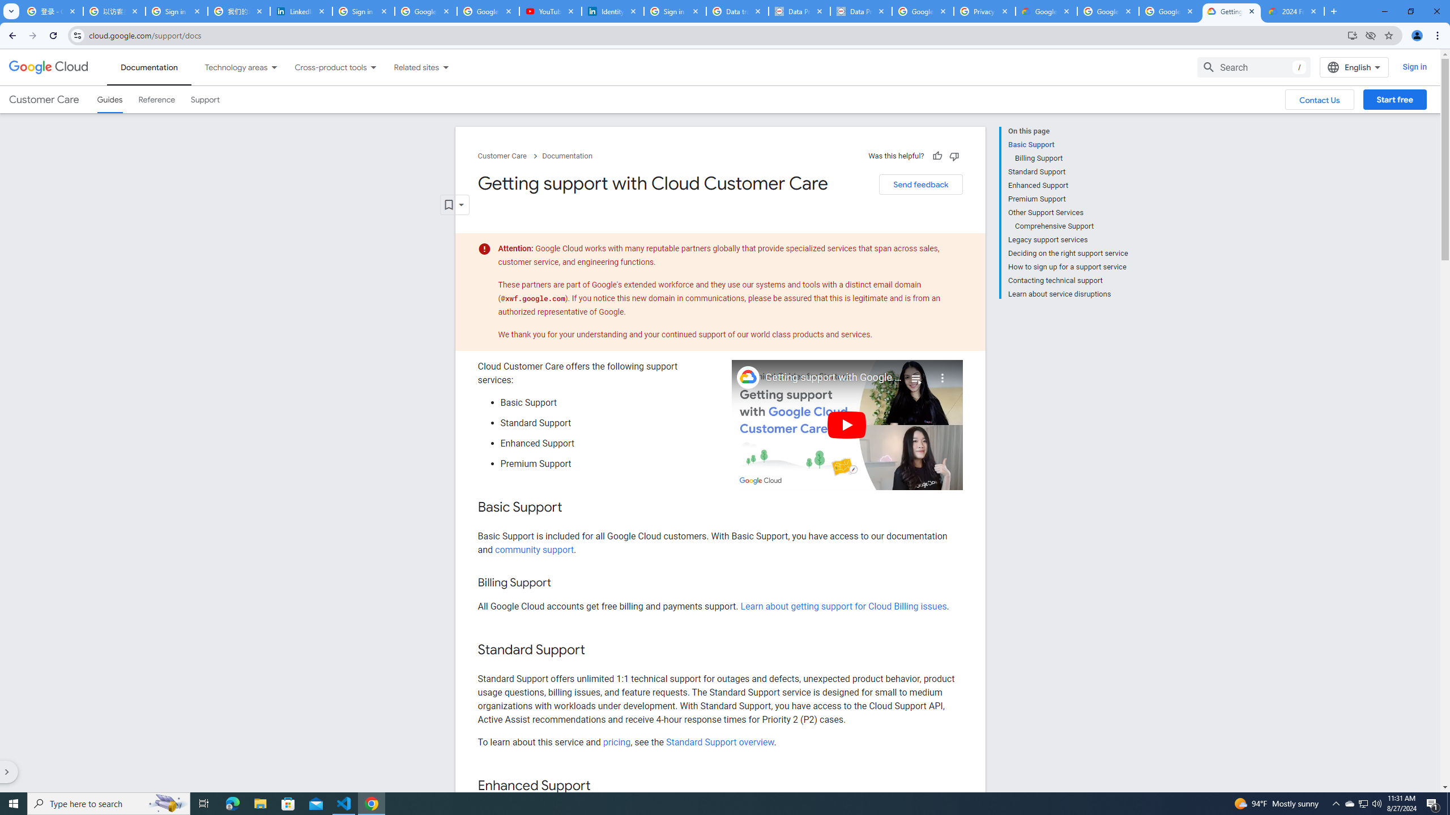  Describe the element at coordinates (454, 204) in the screenshot. I see `'Open dropdown'` at that location.